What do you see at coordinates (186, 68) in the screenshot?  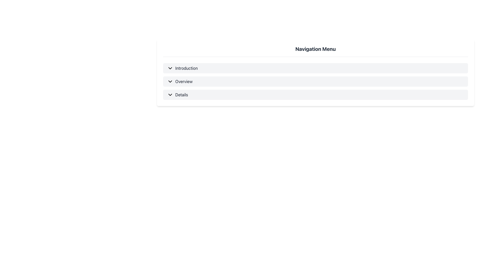 I see `the 'Introduction' link in the navigation menu to trigger the hover effects, which change the text color from dark gray to white` at bounding box center [186, 68].